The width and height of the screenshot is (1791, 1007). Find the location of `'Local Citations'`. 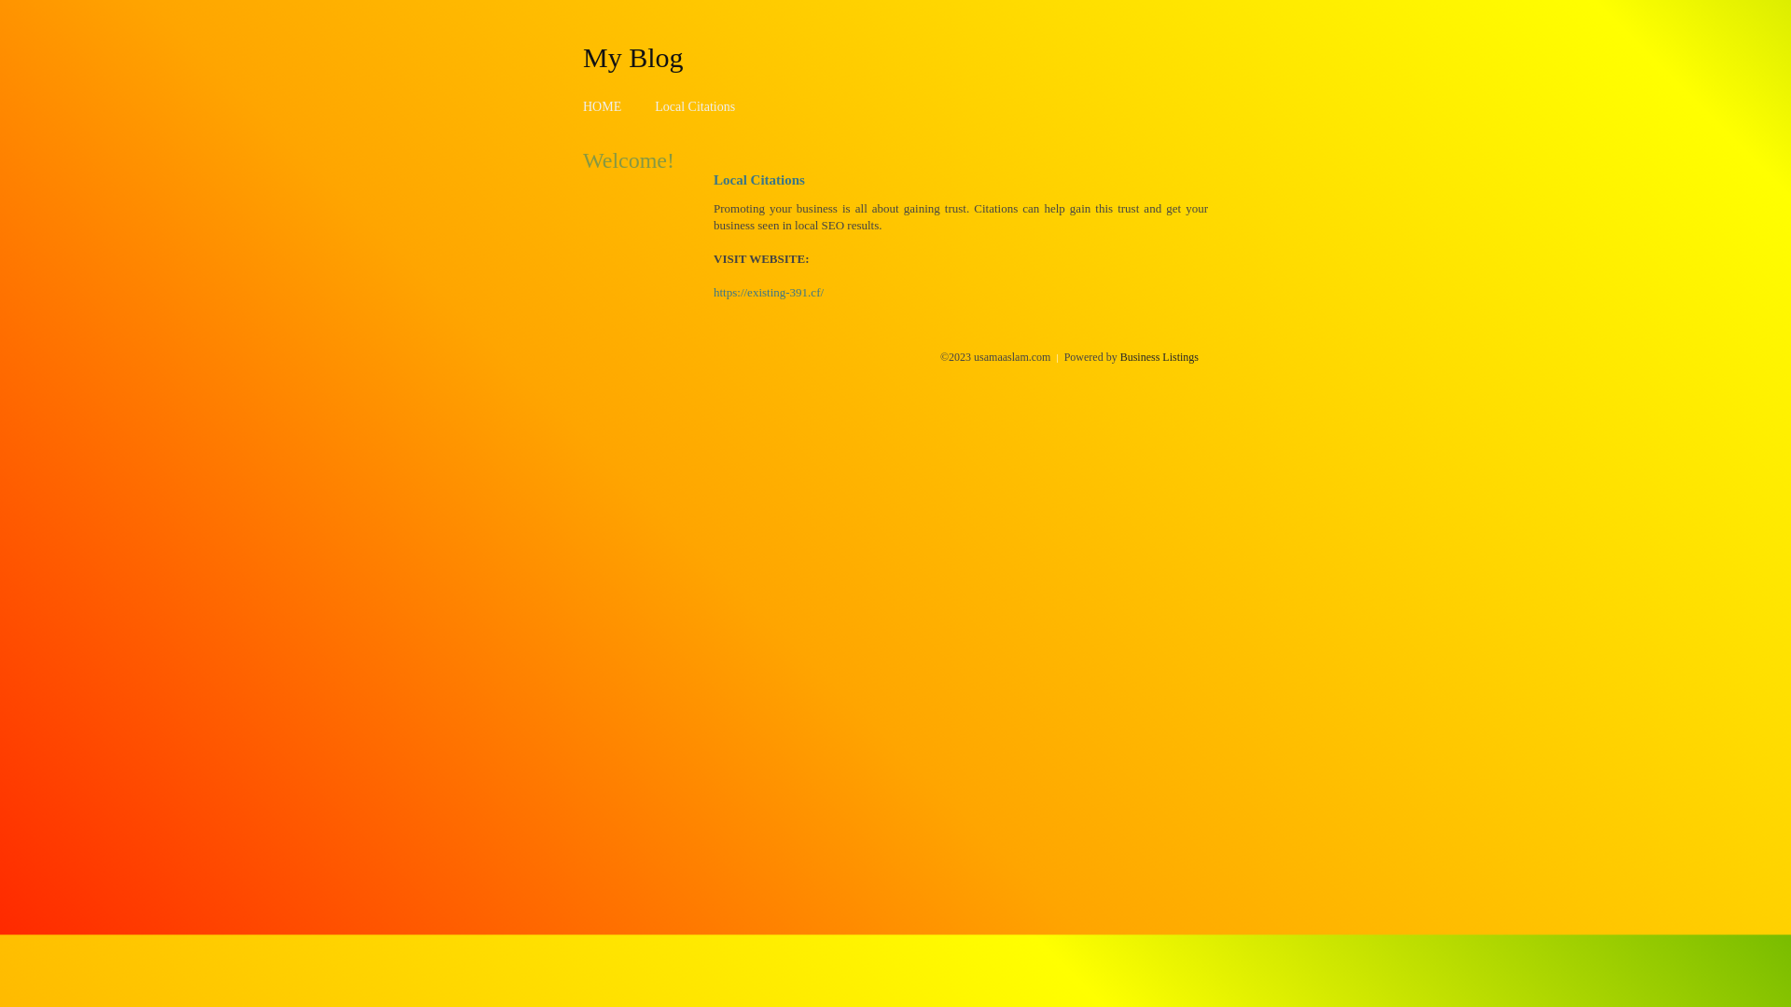

'Local Citations' is located at coordinates (654, 106).